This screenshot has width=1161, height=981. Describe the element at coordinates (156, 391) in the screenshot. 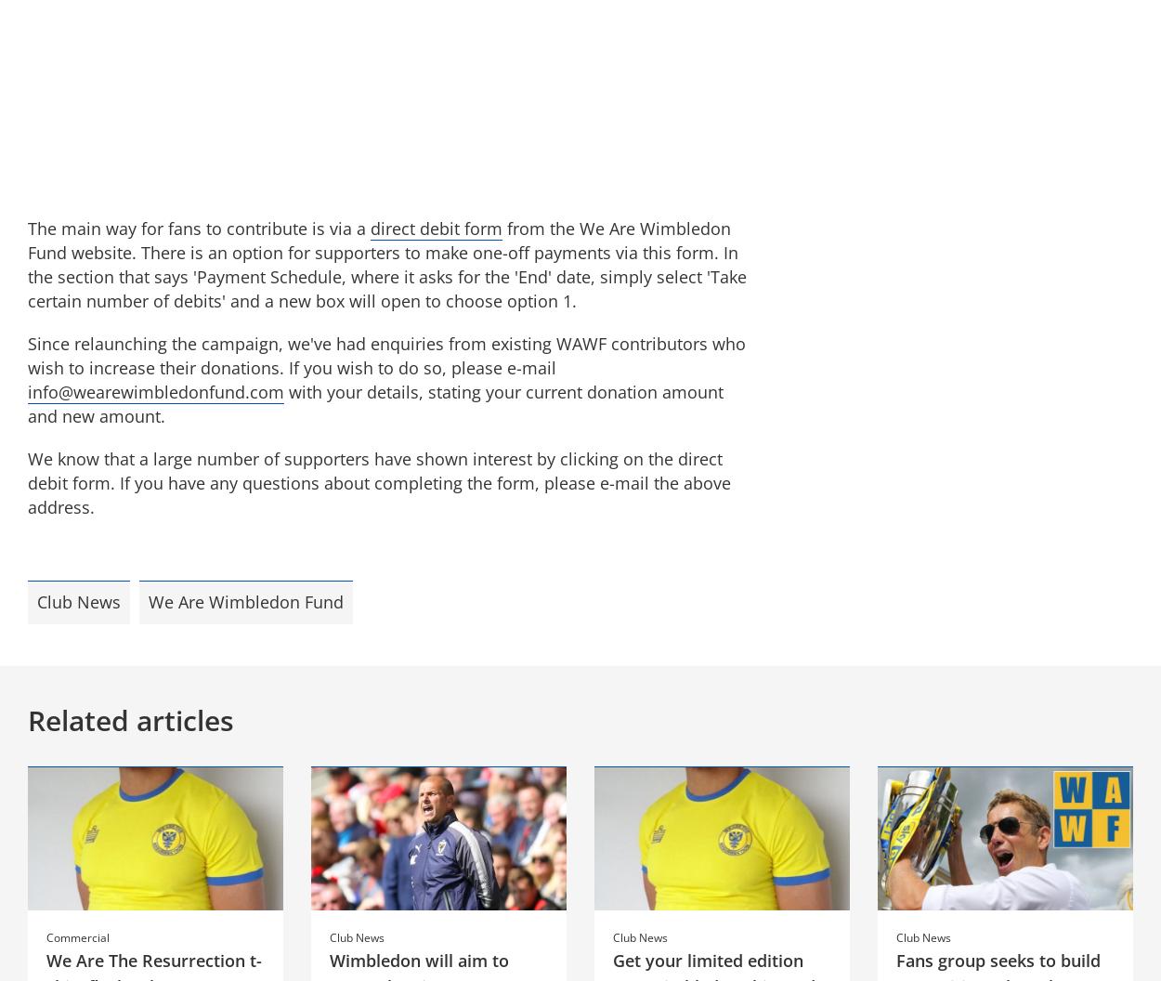

I see `'info@wearewimbledonfund.com'` at that location.